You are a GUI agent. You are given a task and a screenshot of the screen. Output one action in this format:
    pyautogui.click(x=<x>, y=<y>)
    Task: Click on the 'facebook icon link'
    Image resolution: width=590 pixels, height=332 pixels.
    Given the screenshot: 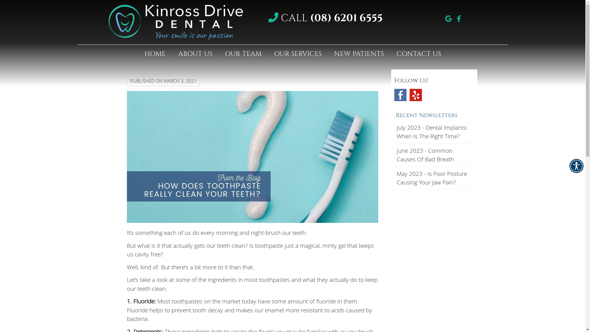 What is the action you would take?
    pyautogui.click(x=455, y=18)
    